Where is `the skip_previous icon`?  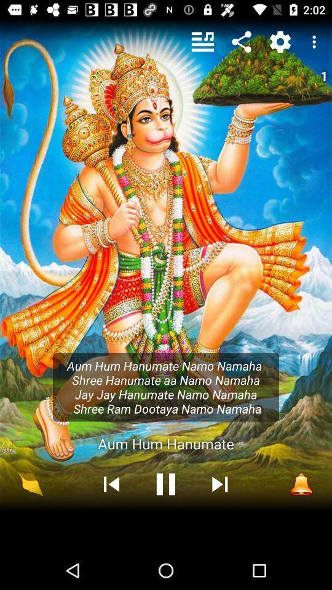 the skip_previous icon is located at coordinates (111, 484).